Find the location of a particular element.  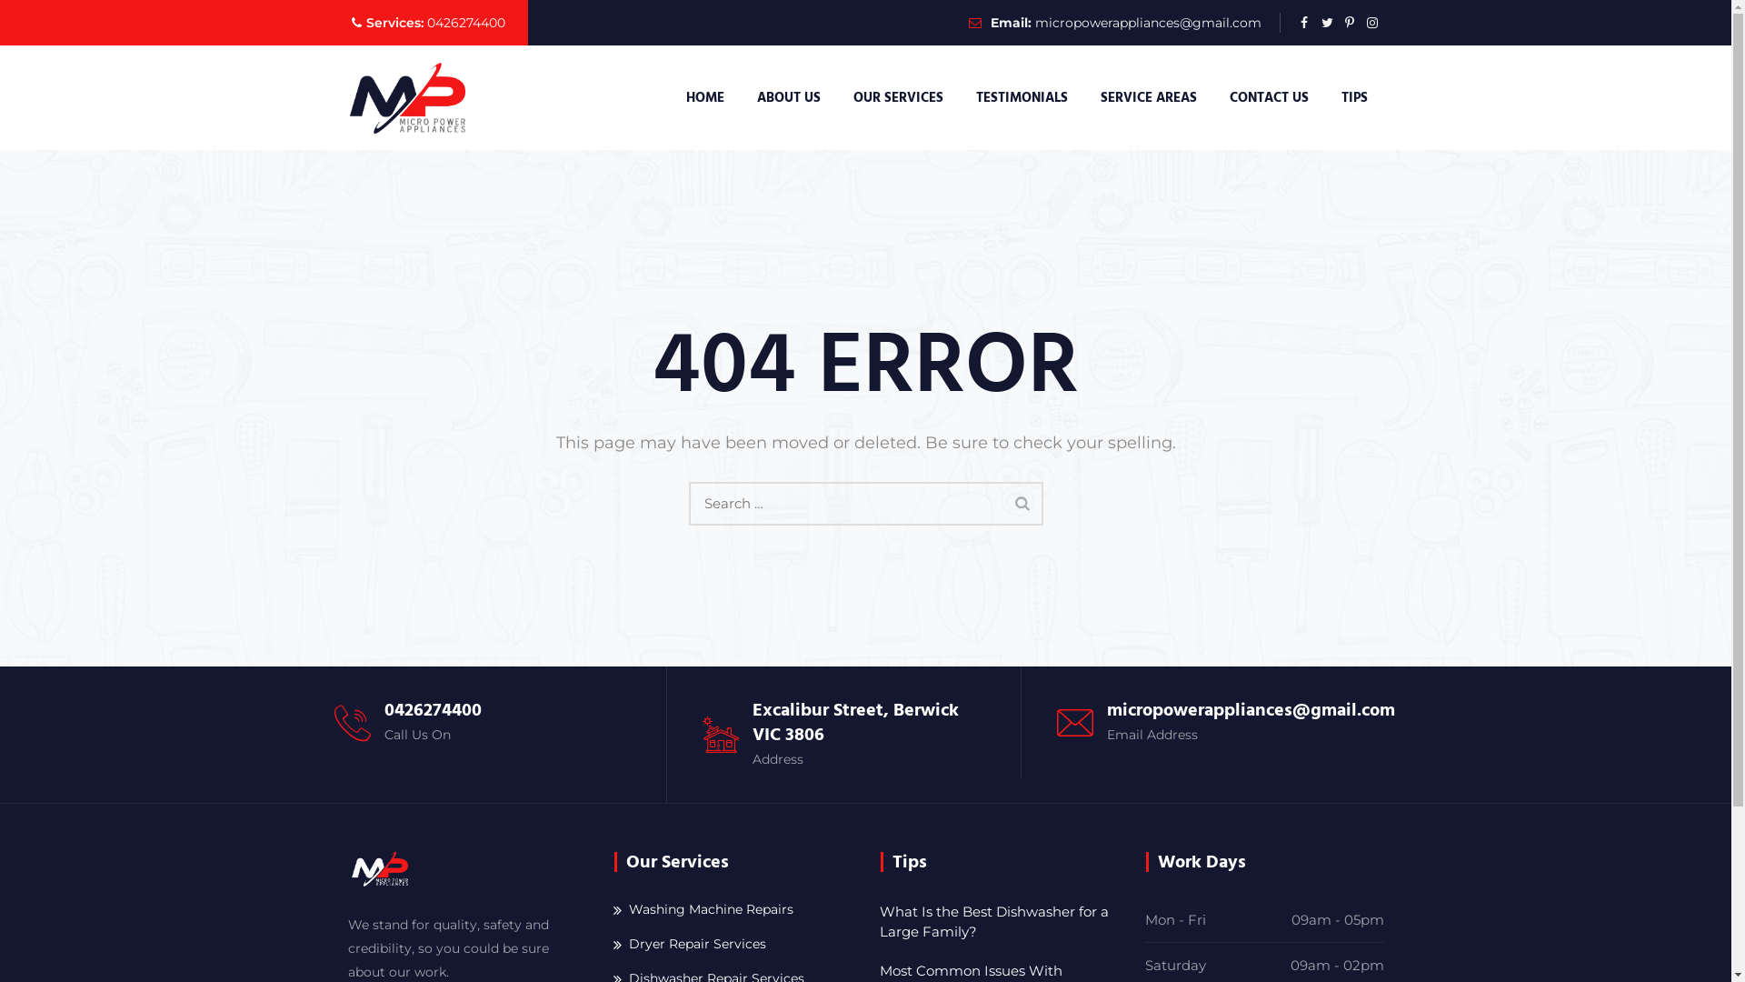

'What Is the Best Dishwasher for a Large Family?' is located at coordinates (998, 922).